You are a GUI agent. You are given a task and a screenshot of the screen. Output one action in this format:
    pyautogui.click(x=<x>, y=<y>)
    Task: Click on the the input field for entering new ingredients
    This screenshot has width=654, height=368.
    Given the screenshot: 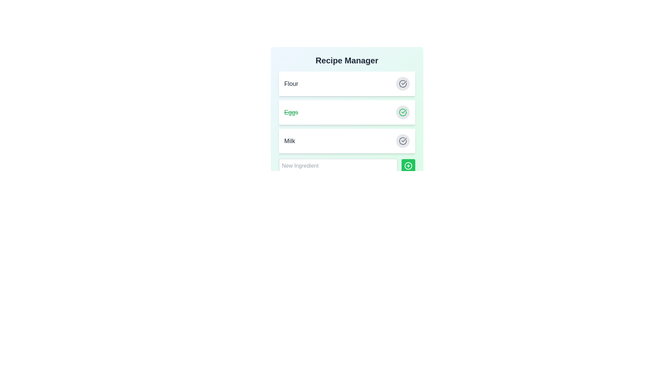 What is the action you would take?
    pyautogui.click(x=338, y=166)
    